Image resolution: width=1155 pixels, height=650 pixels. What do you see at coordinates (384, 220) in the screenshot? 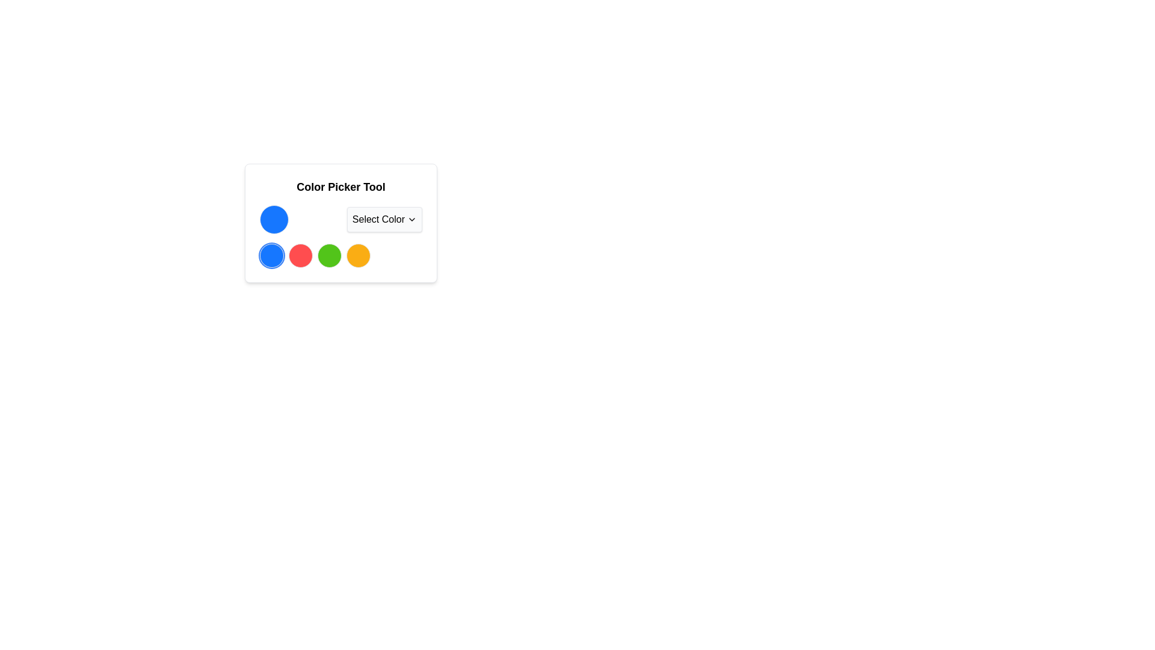
I see `the 'Select Color' dropdown button, which has a light gray background and a downward-pointing chevron icon` at bounding box center [384, 220].